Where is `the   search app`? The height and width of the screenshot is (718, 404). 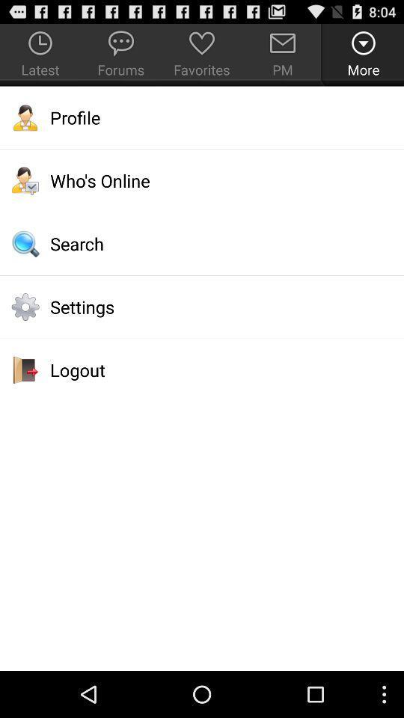
the   search app is located at coordinates (202, 244).